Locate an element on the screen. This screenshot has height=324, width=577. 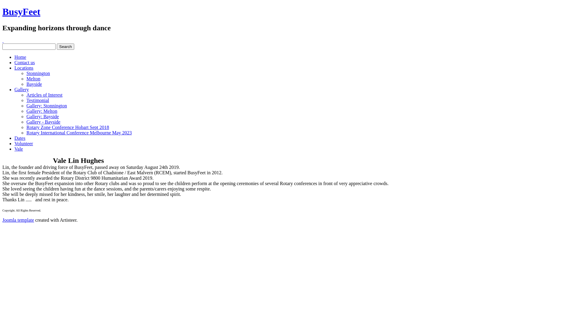
'Rotary International Conference Melbourne May 2023' is located at coordinates (79, 132).